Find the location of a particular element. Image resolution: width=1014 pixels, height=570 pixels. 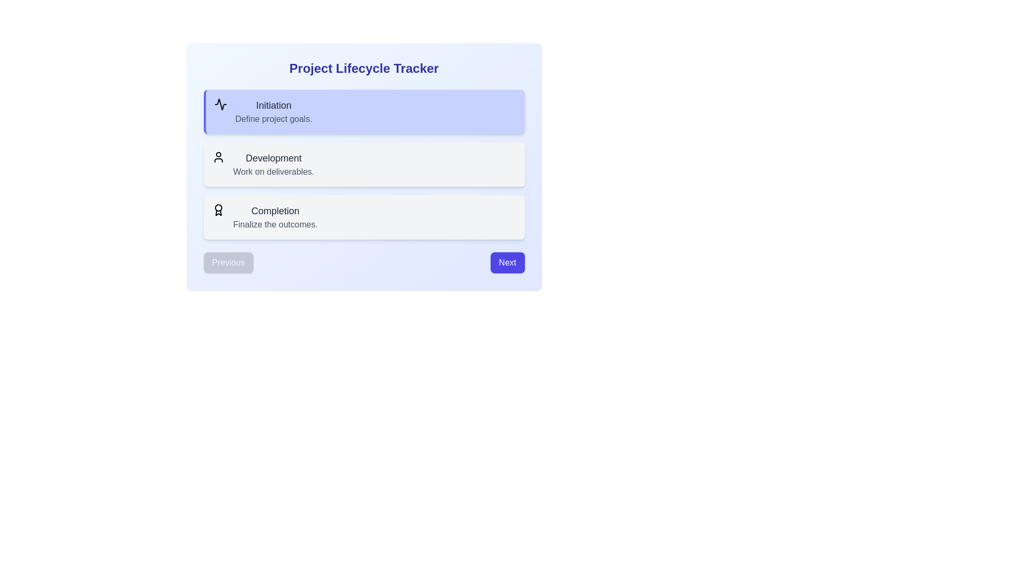

the text block titled 'Initiation' that describes the phase in the project lifecycle, located within the first card under the 'Project Lifecycle Tracker' header is located at coordinates (274, 112).